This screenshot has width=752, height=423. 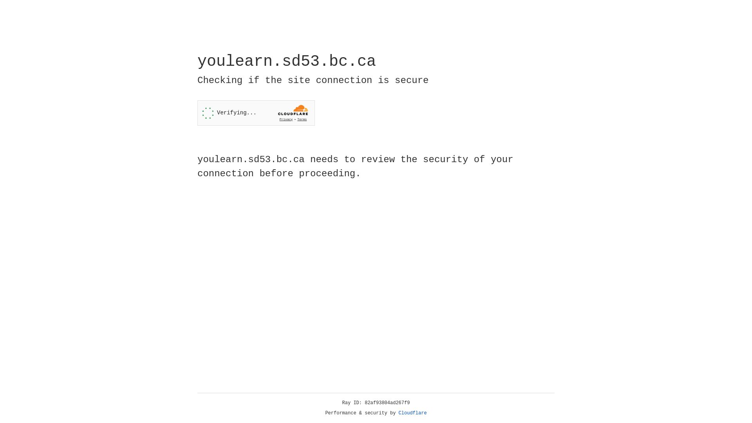 I want to click on 'Cloudflare', so click(x=398, y=413).